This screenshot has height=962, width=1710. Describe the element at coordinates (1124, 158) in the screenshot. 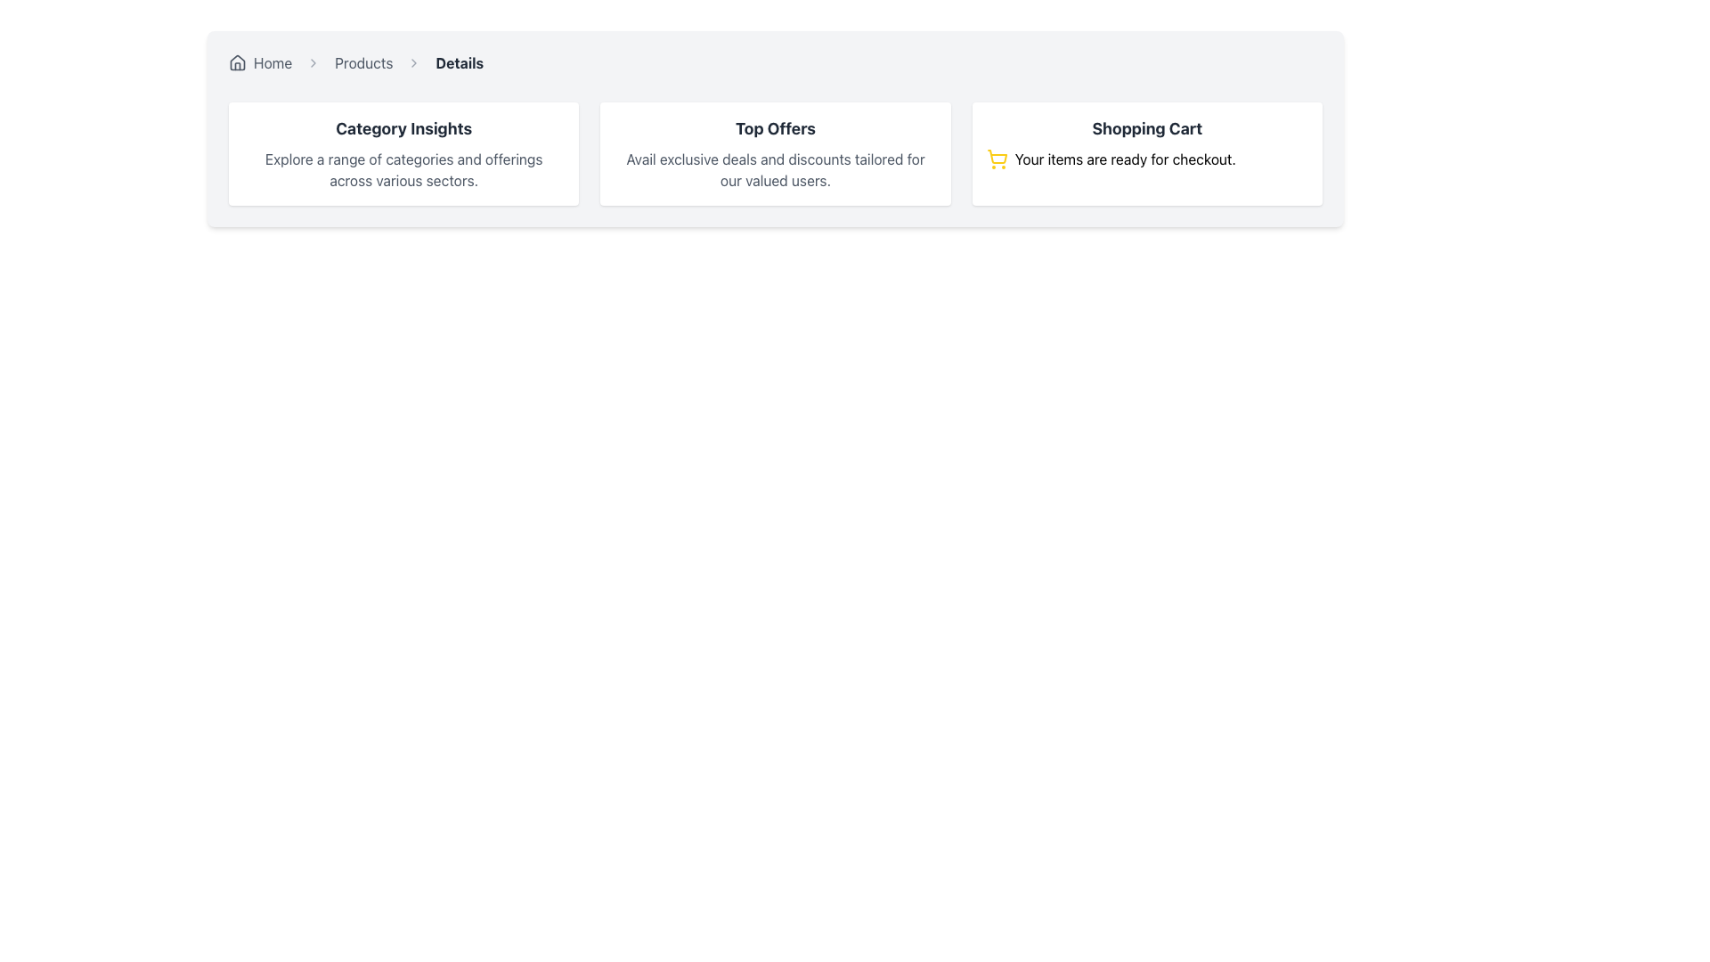

I see `the text element displaying 'Your items are ready for checkout.' located in the 'Shopping Cart' section, positioned to the right of the yellow shopping cart icon` at that location.